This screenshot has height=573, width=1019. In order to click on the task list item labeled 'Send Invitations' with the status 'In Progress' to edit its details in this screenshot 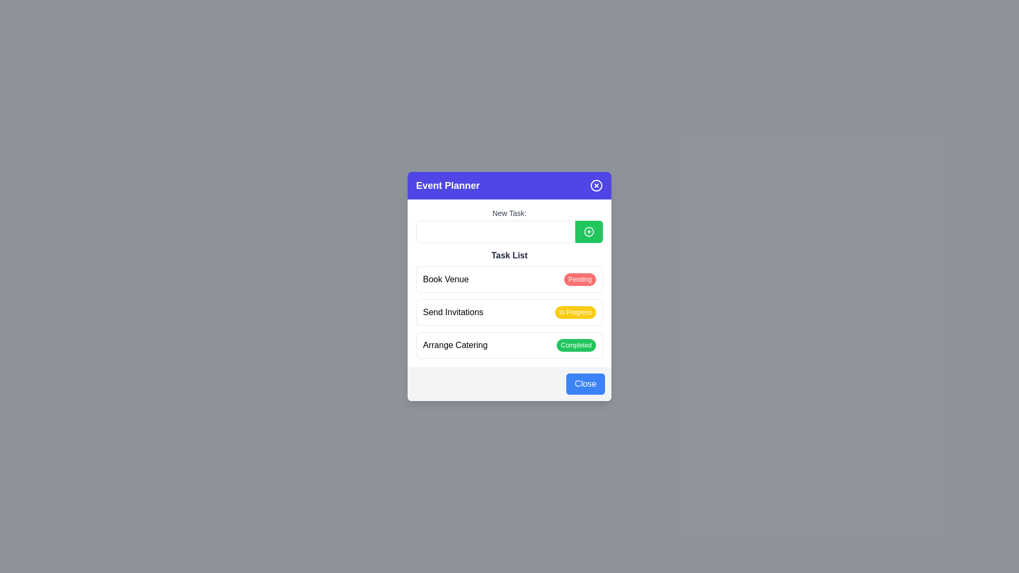, I will do `click(509, 304)`.